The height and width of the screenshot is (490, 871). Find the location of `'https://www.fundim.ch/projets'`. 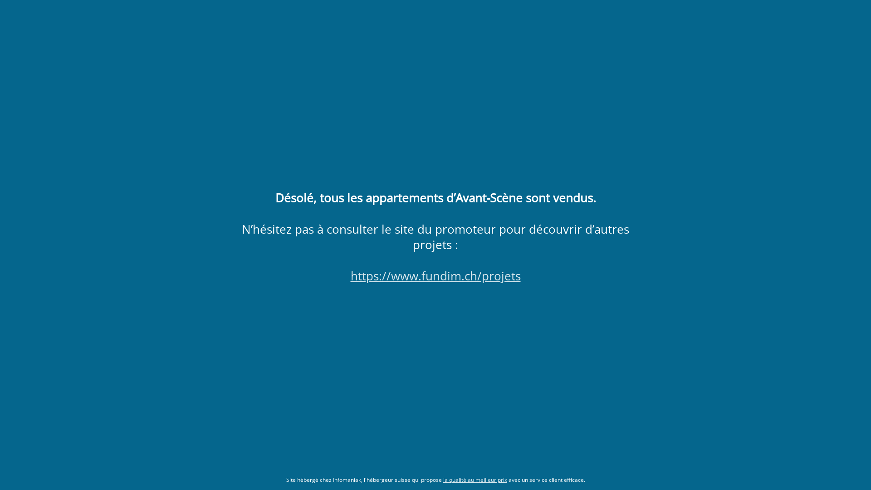

'https://www.fundim.ch/projets' is located at coordinates (435, 275).